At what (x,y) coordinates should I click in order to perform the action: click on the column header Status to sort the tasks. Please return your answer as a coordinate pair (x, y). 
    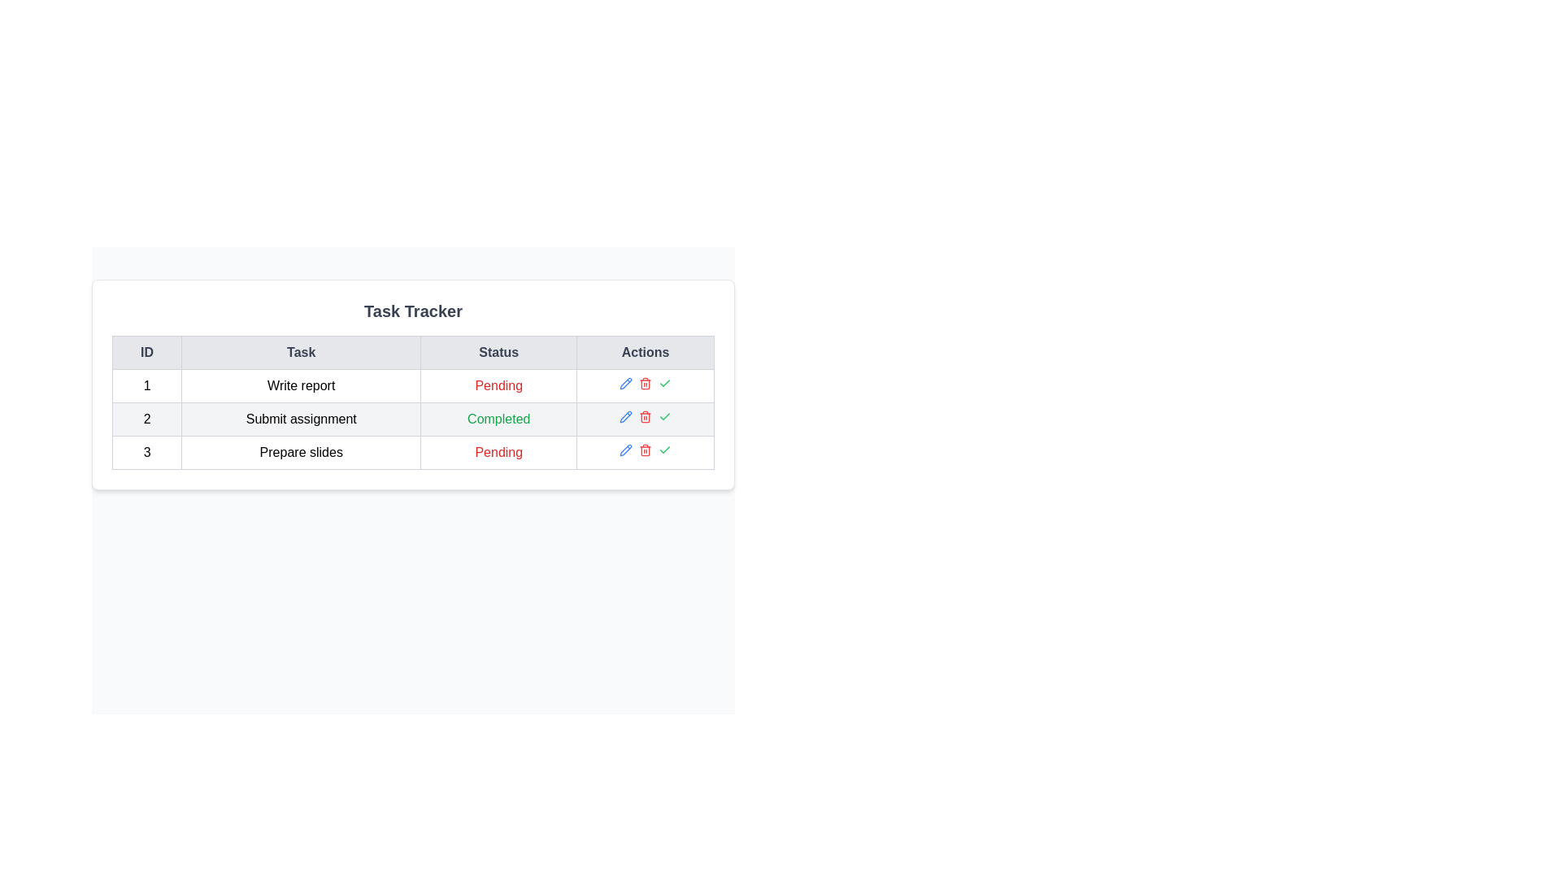
    Looking at the image, I should click on (498, 352).